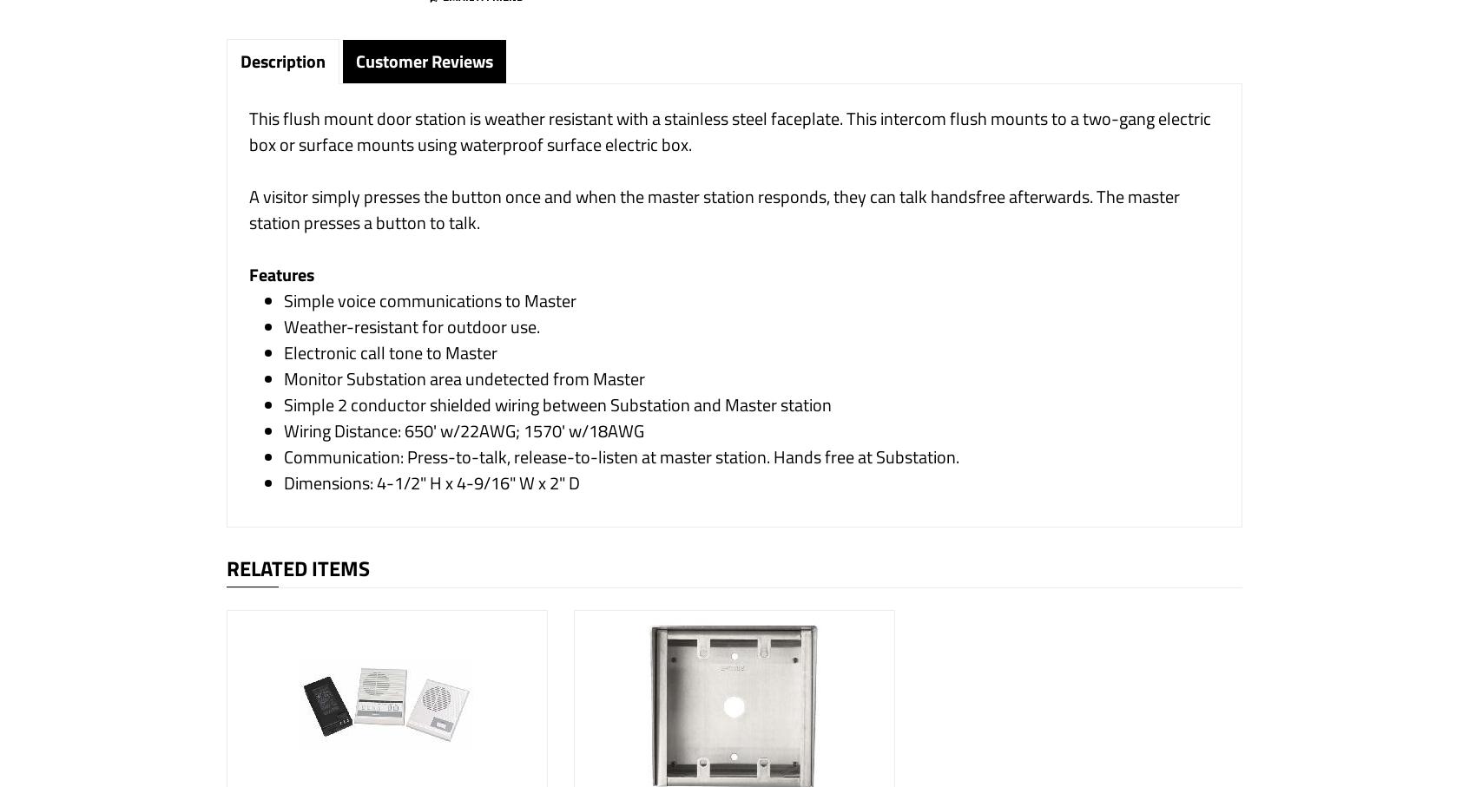  I want to click on 'Features', so click(280, 274).